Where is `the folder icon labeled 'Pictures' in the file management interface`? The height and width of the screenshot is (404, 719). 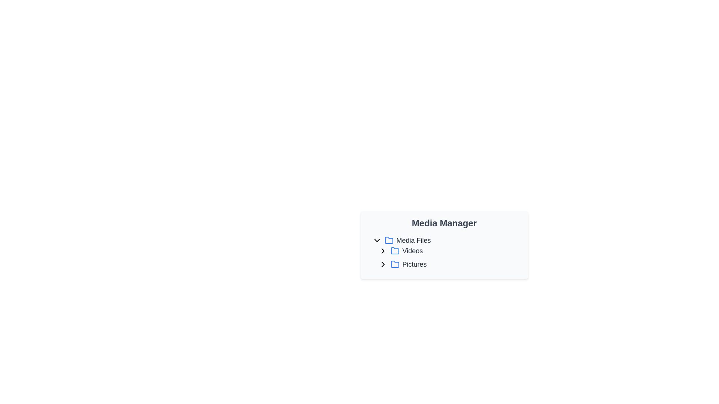 the folder icon labeled 'Pictures' in the file management interface is located at coordinates (394, 264).